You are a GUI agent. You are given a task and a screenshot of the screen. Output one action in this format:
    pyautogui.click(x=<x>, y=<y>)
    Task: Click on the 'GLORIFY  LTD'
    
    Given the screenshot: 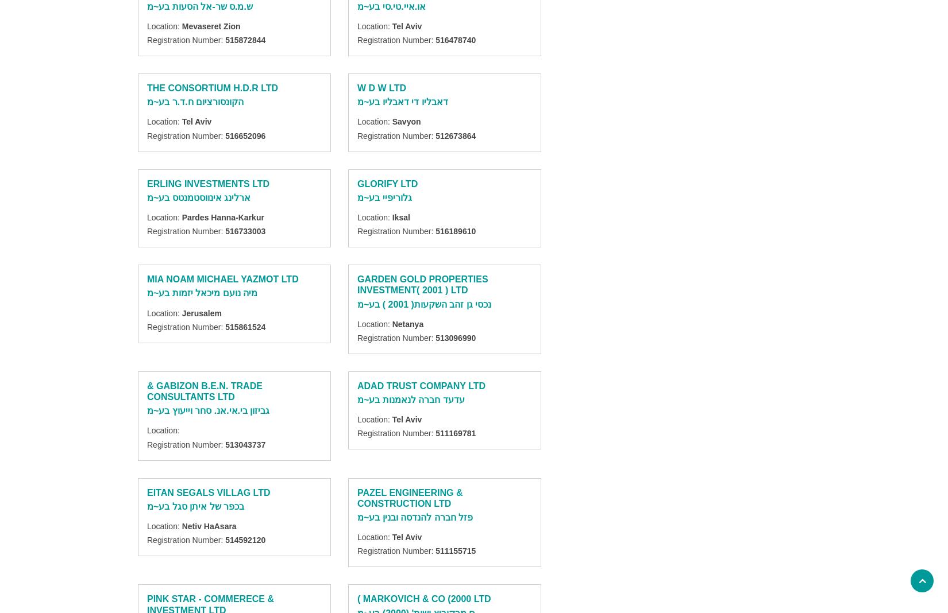 What is the action you would take?
    pyautogui.click(x=387, y=183)
    